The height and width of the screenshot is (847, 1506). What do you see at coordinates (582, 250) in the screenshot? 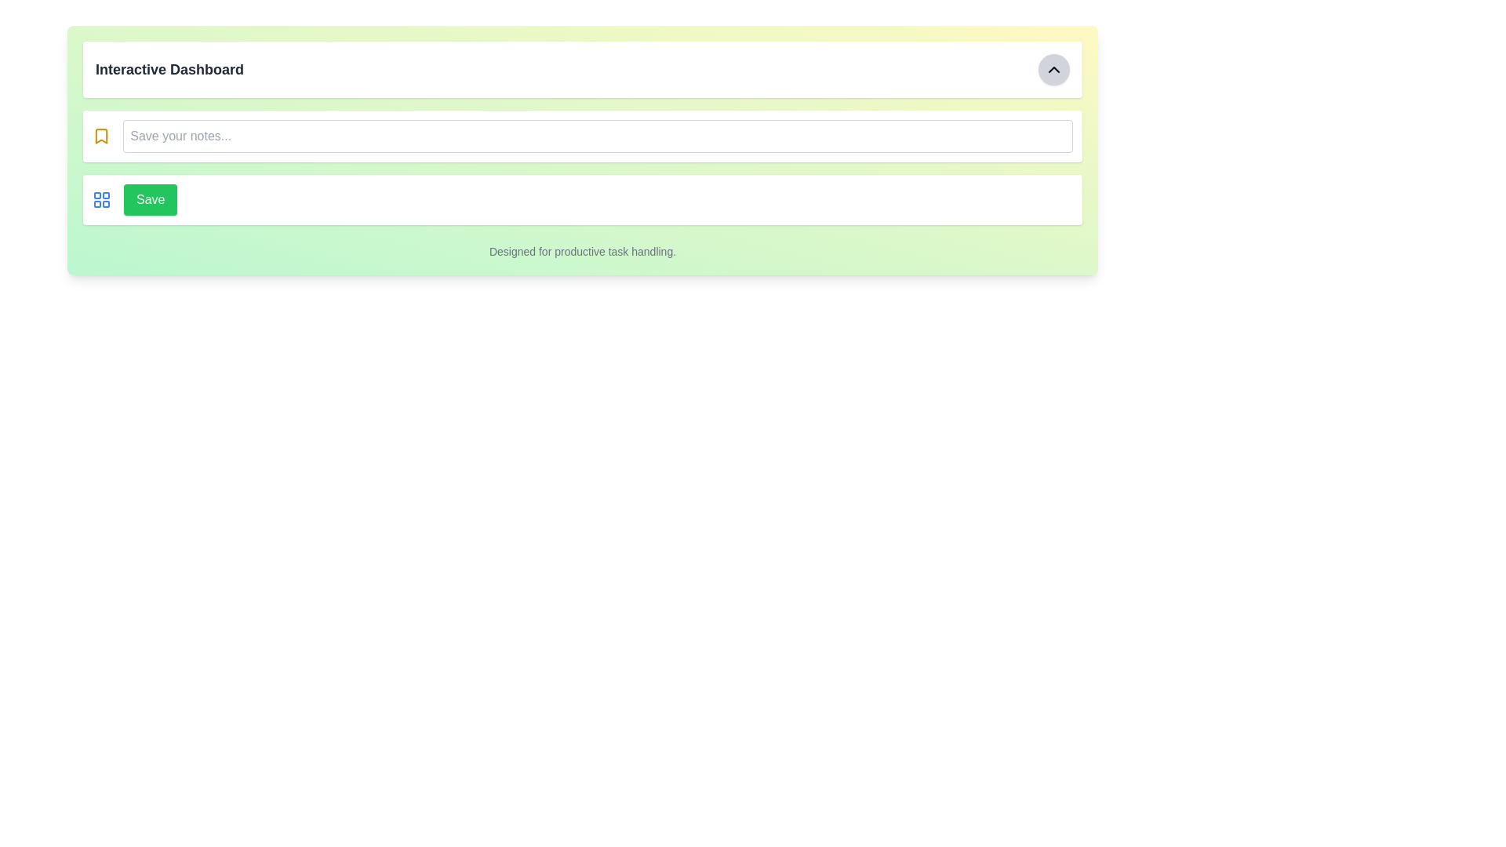
I see `the text element displaying 'Designed for productive task handling.' which is positioned below the save button and text input field in a greenish background panel` at bounding box center [582, 250].